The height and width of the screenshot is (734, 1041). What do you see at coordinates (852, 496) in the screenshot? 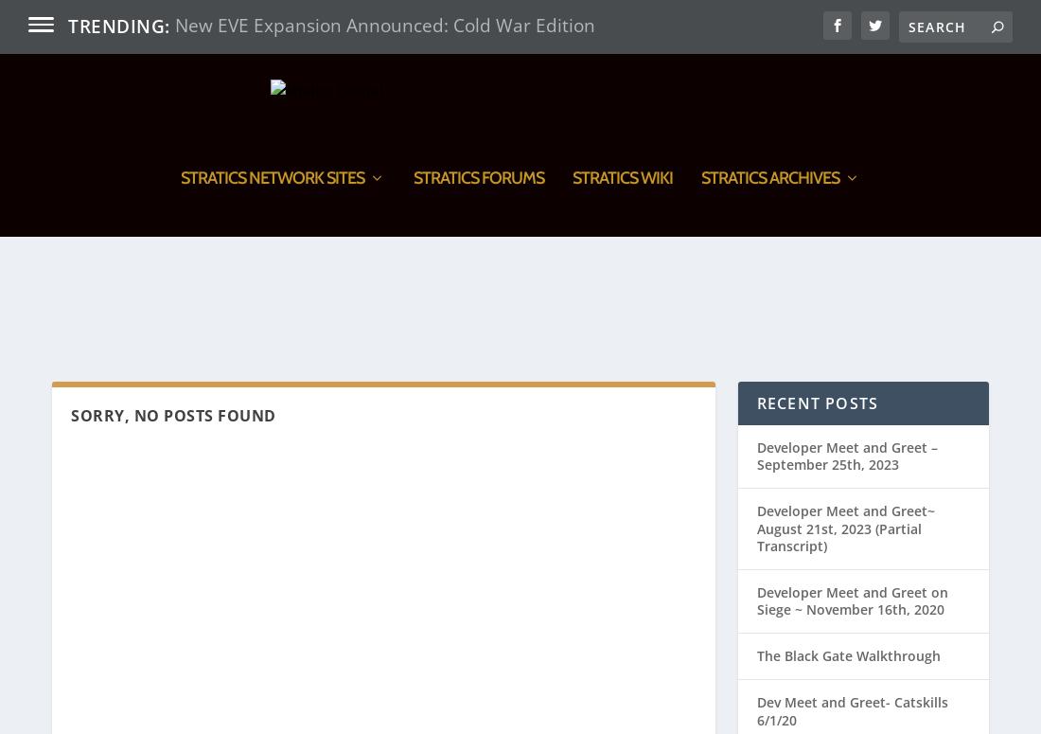
I see `'Developer Meet and Greet on Siege ~ November 16th, 2020'` at bounding box center [852, 496].